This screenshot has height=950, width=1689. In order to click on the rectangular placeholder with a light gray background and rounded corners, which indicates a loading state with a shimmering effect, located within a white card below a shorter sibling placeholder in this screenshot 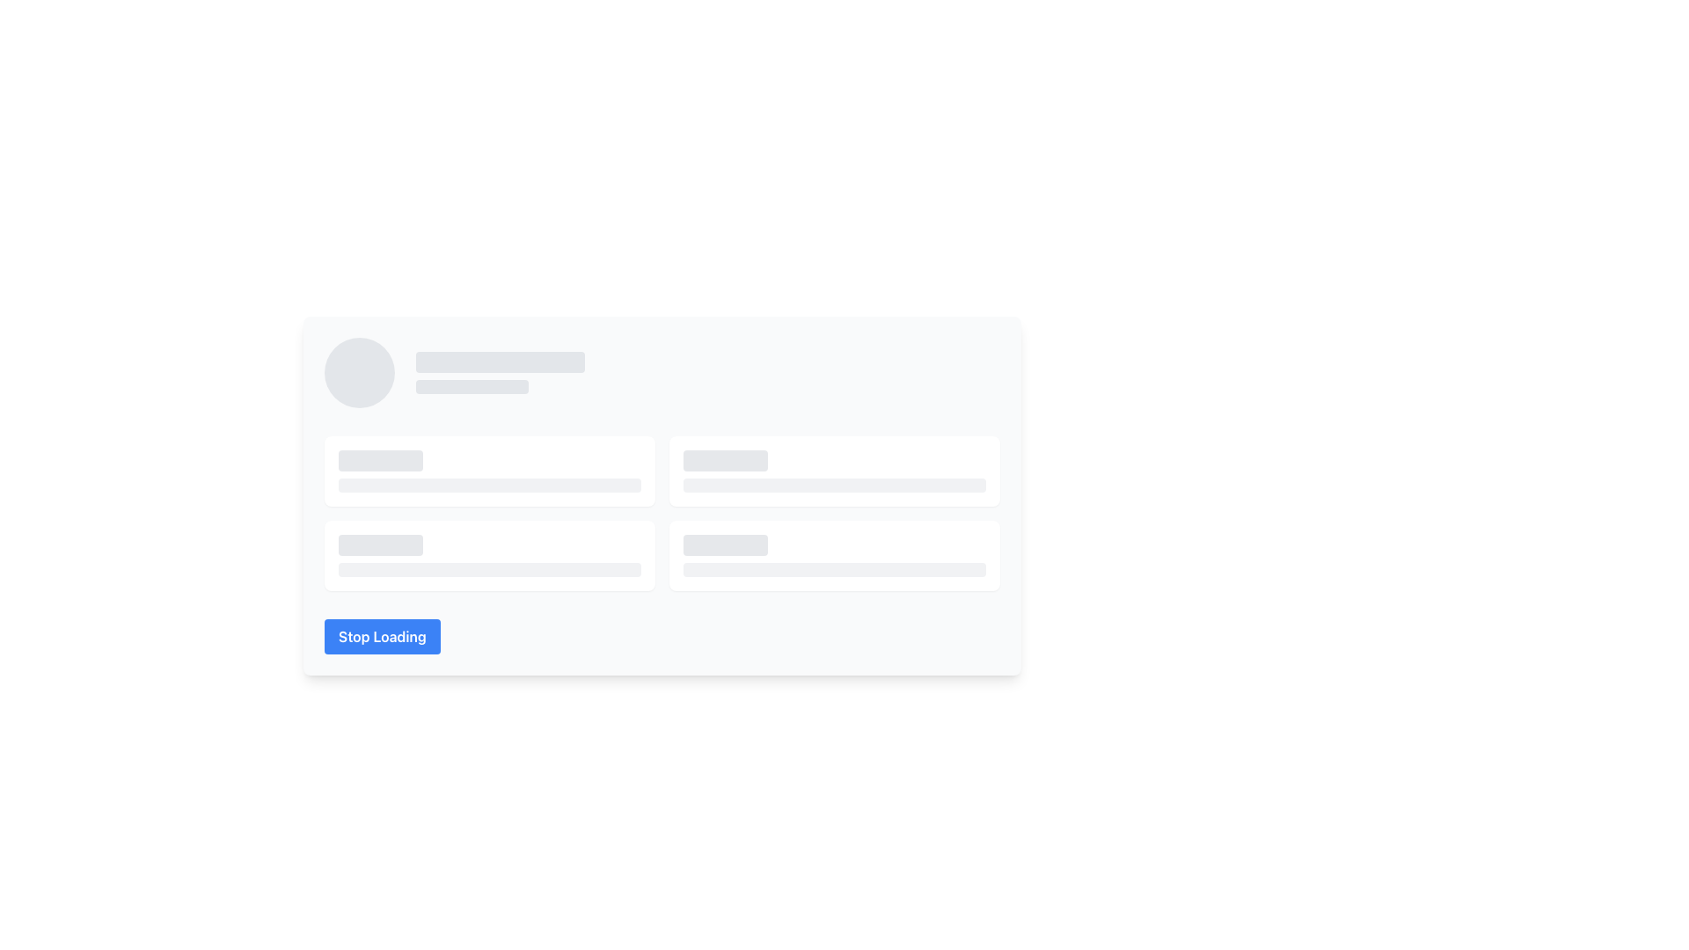, I will do `click(489, 570)`.